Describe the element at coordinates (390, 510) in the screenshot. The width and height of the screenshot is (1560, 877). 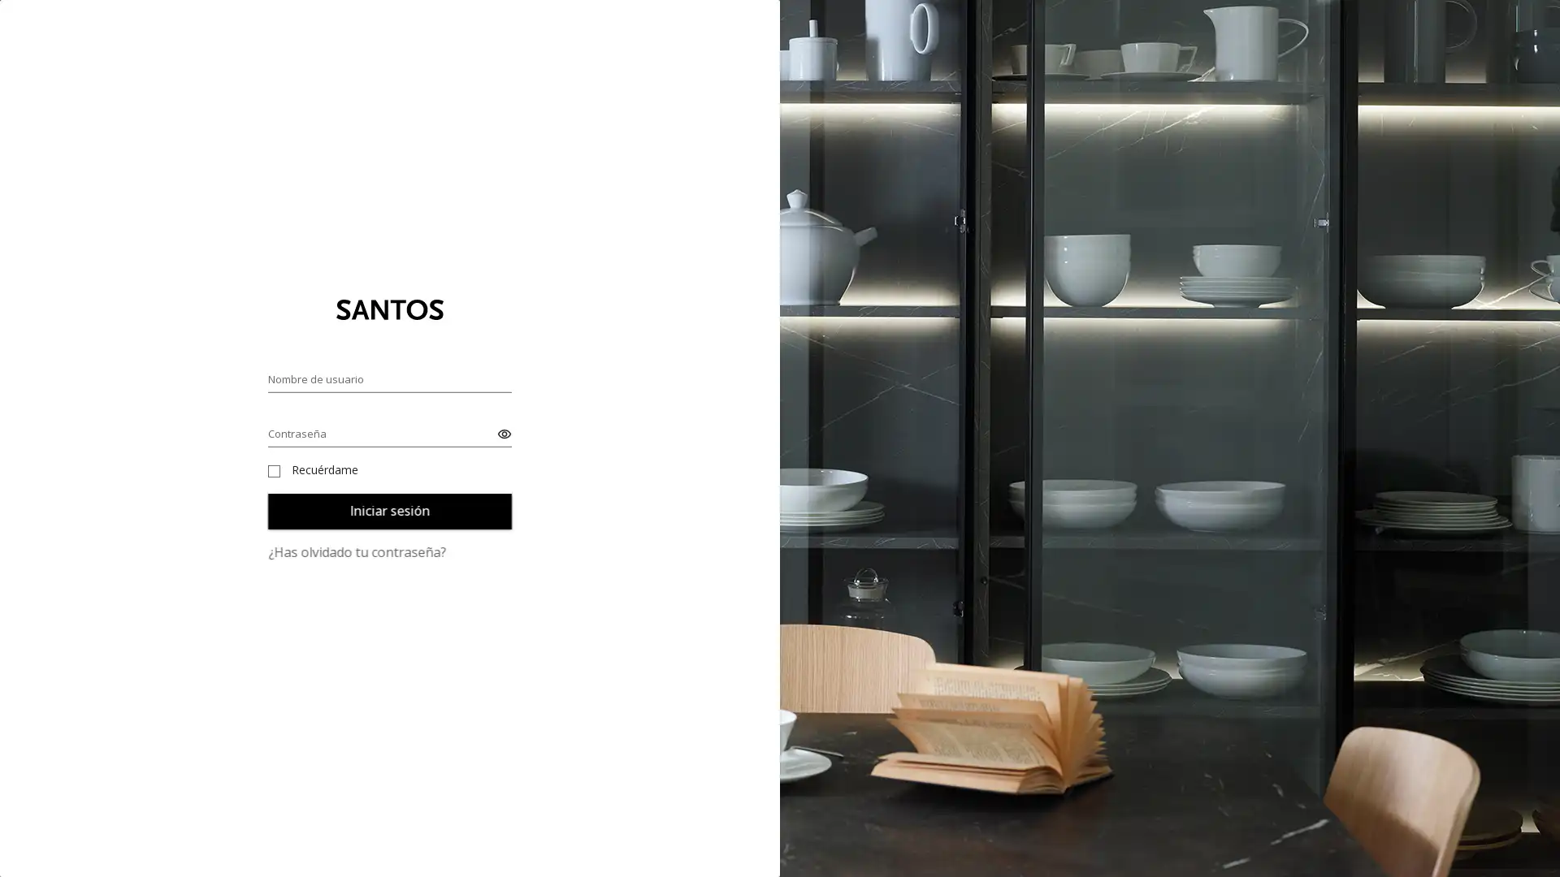
I see `Iniciar sesion` at that location.